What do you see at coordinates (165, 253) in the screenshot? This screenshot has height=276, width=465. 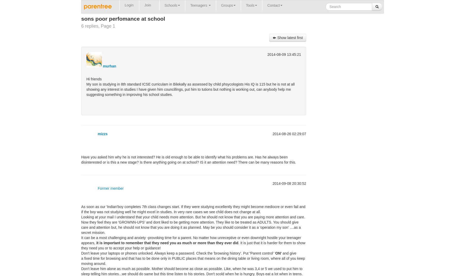 I see `'Don't leave your laptops or phones unlocked. Always keep a password. Check the 'browsing history'. Put'` at bounding box center [165, 253].